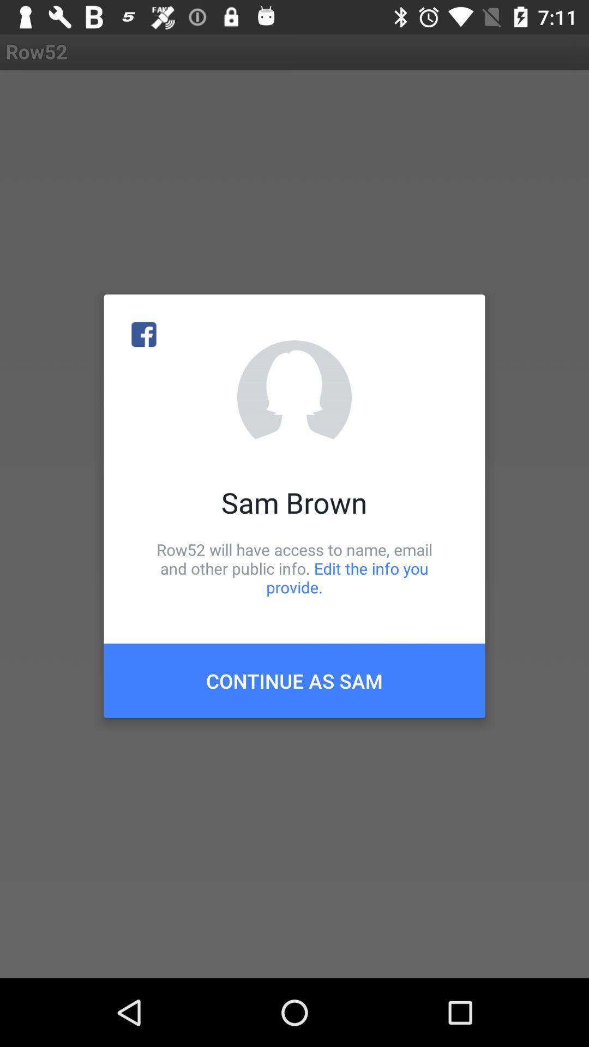  Describe the element at coordinates (294, 680) in the screenshot. I see `the continue as sam item` at that location.